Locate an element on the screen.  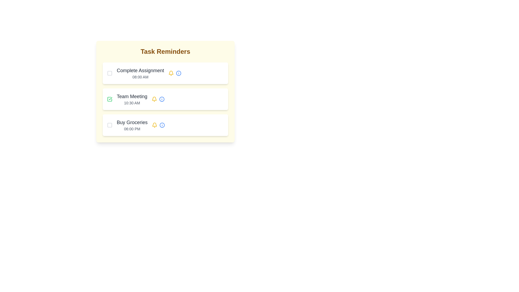
the small, square-shaped checkbox with a light gray border located to the far left of the 'Complete Assignment' text is located at coordinates (109, 73).